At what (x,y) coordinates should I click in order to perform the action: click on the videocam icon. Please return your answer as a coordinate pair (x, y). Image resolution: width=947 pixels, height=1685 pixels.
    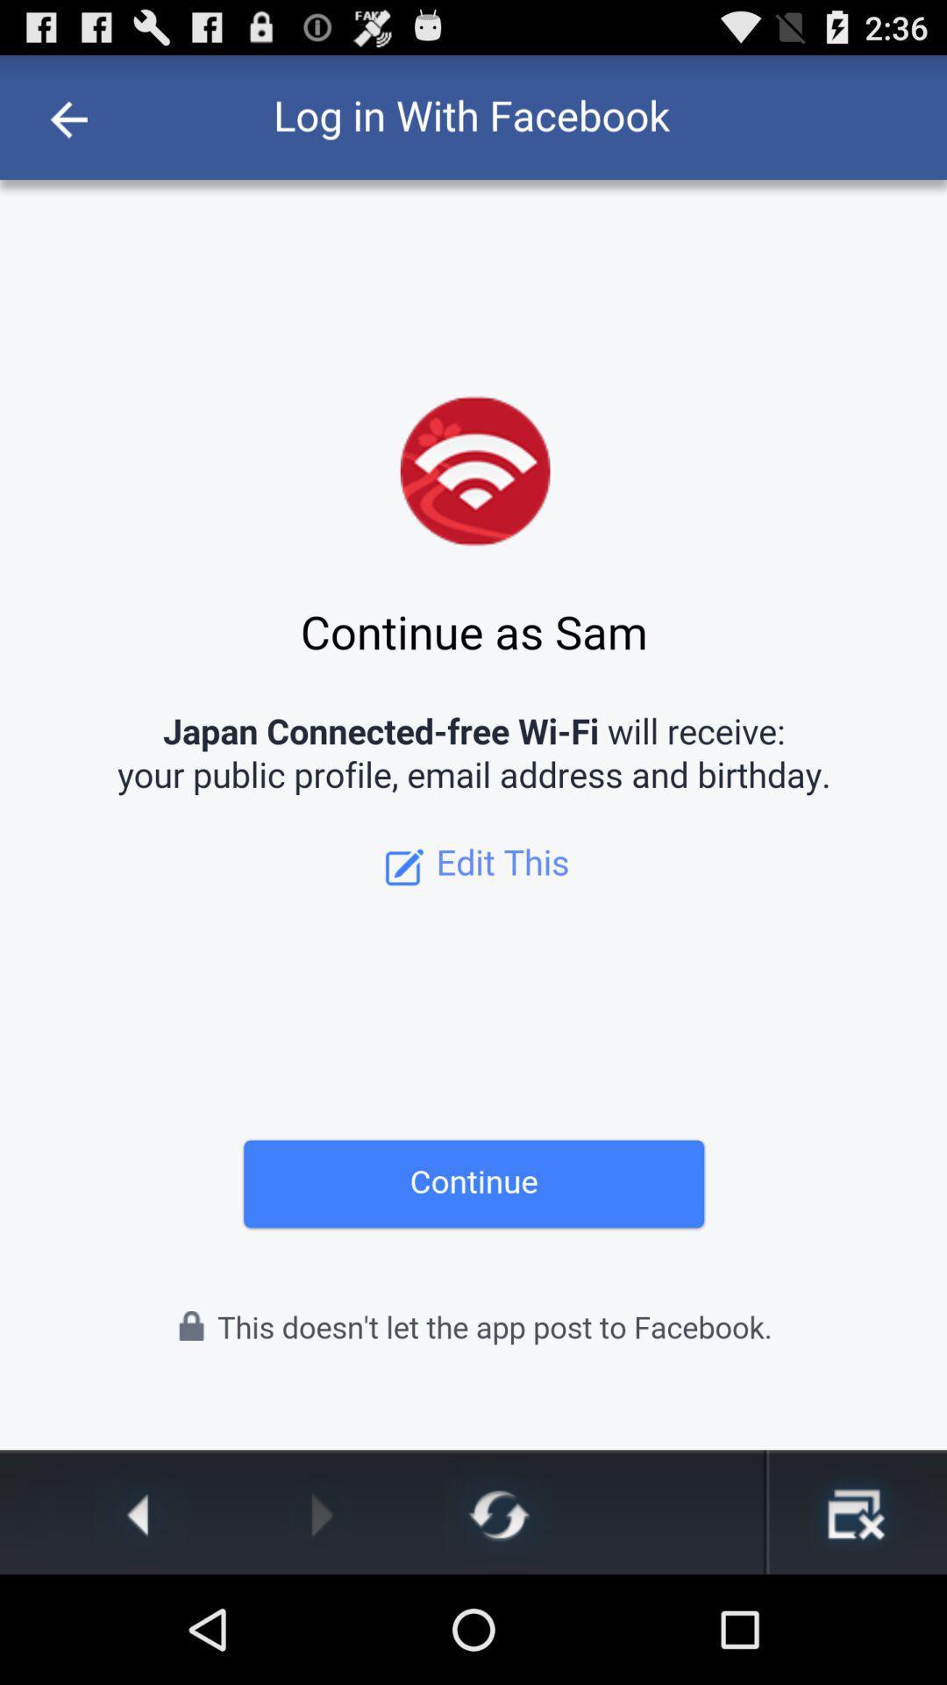
    Looking at the image, I should click on (855, 1620).